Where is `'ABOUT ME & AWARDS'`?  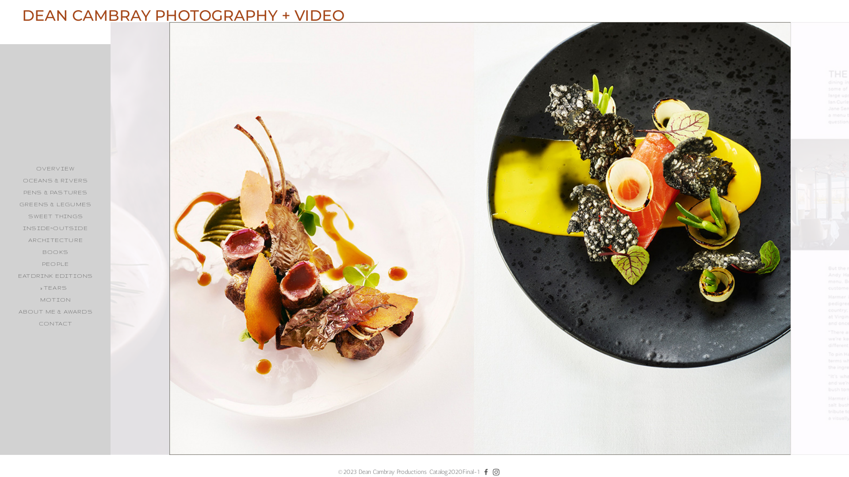 'ABOUT ME & AWARDS' is located at coordinates (55, 311).